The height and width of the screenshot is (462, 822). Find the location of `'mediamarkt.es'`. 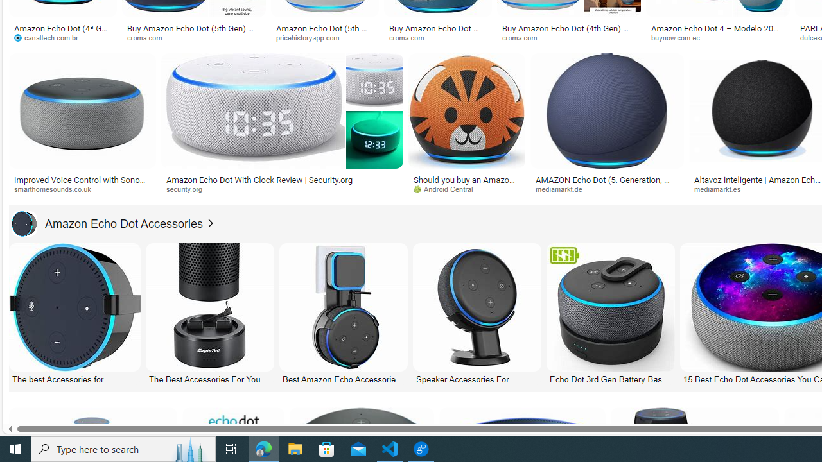

'mediamarkt.es' is located at coordinates (722, 189).